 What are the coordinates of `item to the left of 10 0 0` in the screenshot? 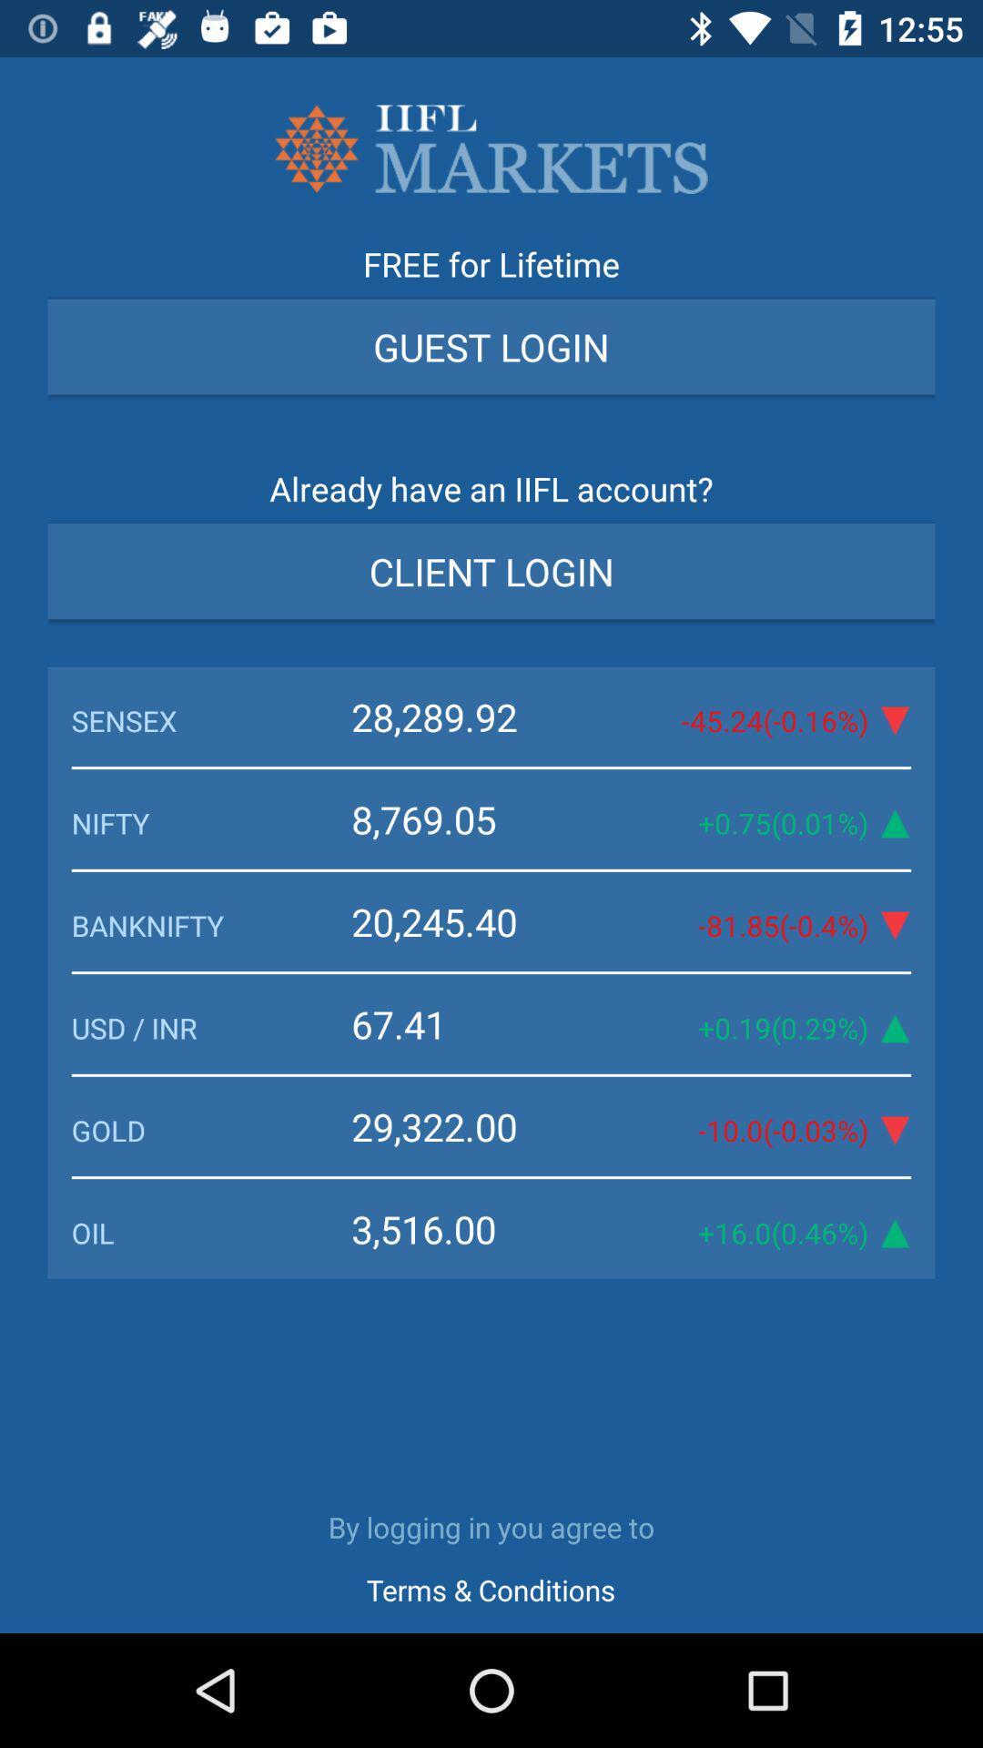 It's located at (476, 1125).